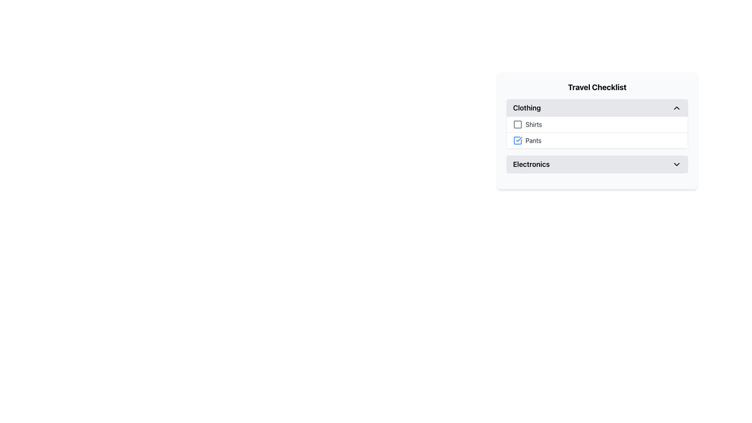 This screenshot has width=752, height=423. Describe the element at coordinates (676, 108) in the screenshot. I see `the toggle icon located at the rightmost end of the 'Clothing' header` at that location.